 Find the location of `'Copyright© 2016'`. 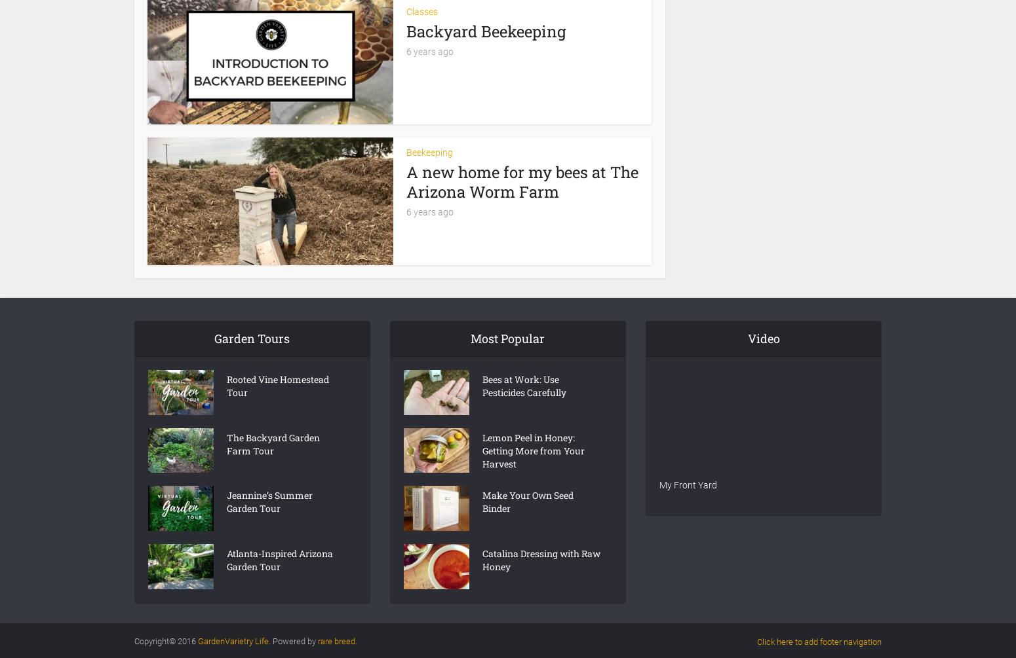

'Copyright© 2016' is located at coordinates (166, 640).